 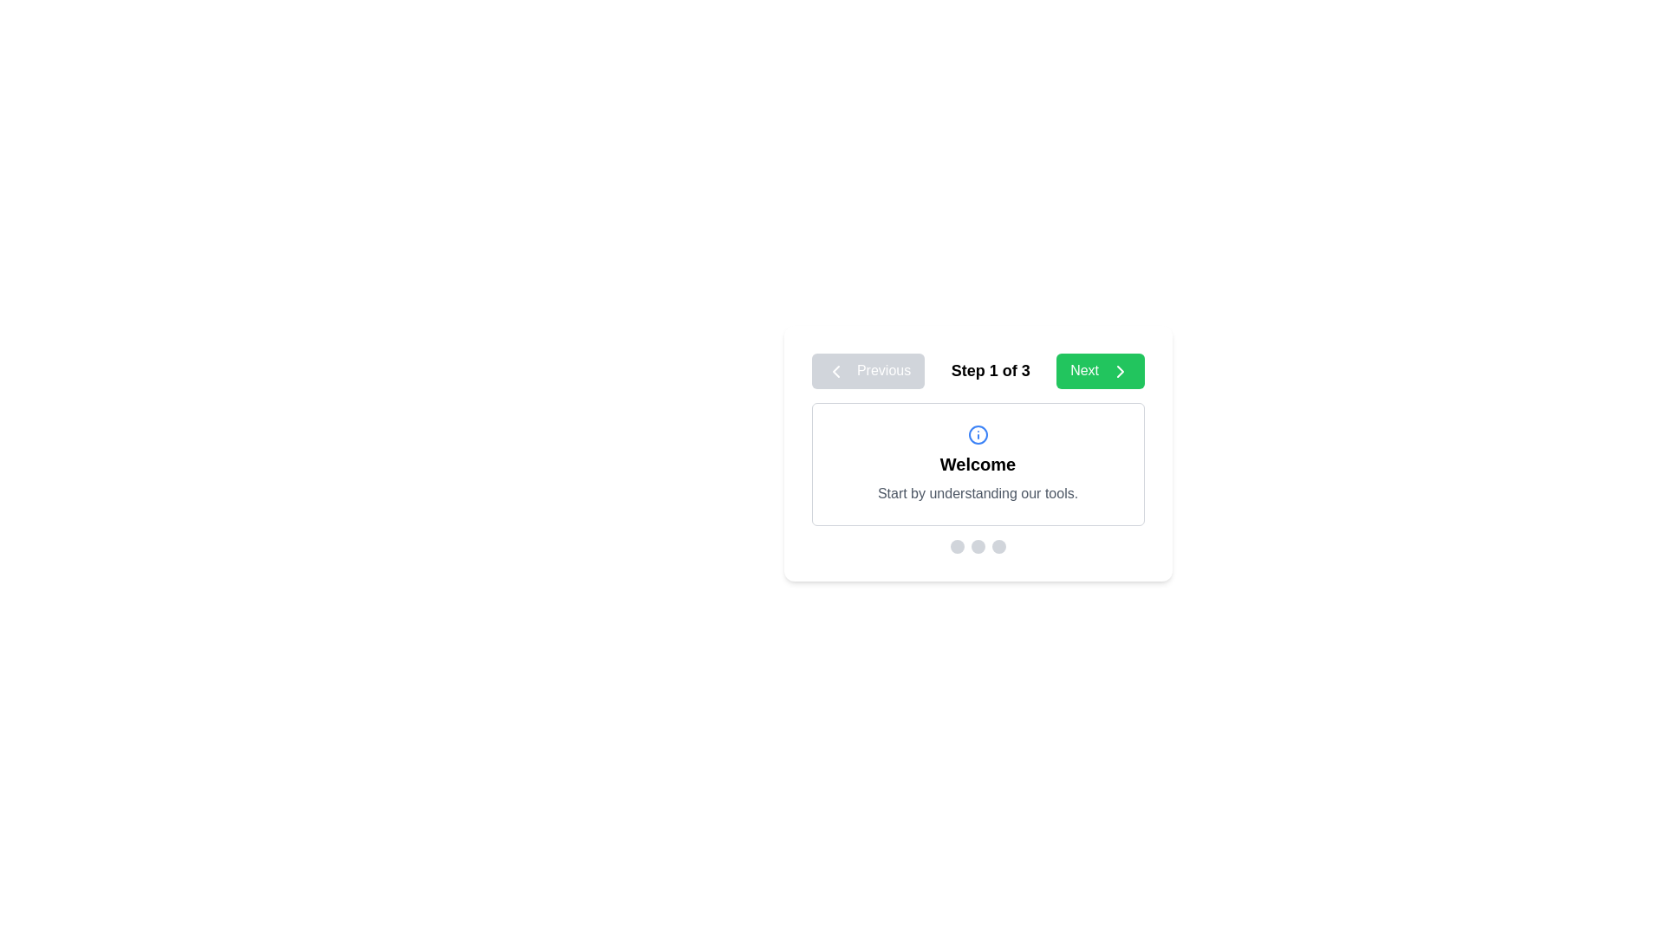 What do you see at coordinates (1099, 370) in the screenshot?
I see `the 'Next' button, which is a rectangular button with a green background, white text, and a right-pointing chevron, located on the right-hand side of the navigation bar` at bounding box center [1099, 370].